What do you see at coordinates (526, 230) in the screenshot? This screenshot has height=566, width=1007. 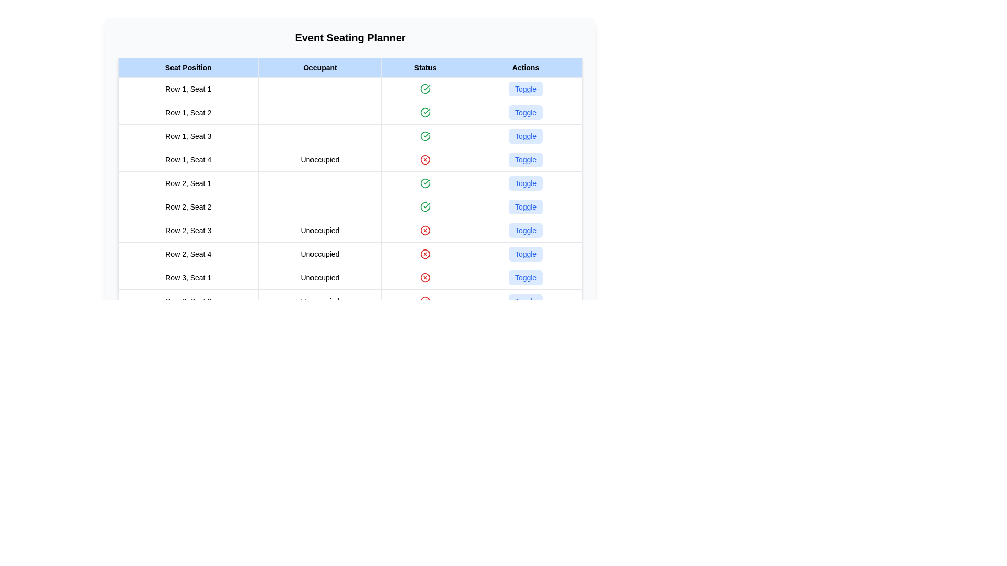 I see `the 'Toggle' button located in the 'Actions' column for 'Row 2, Seat 3'` at bounding box center [526, 230].